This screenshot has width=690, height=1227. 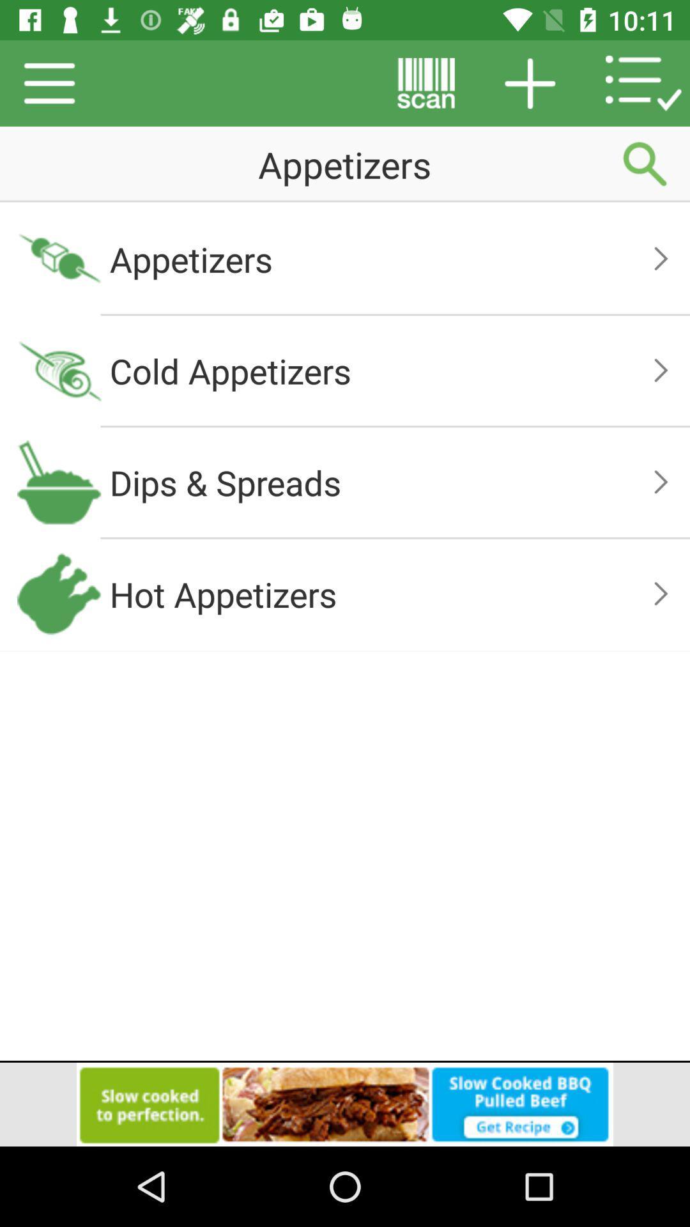 What do you see at coordinates (49, 82) in the screenshot?
I see `the menu icon` at bounding box center [49, 82].